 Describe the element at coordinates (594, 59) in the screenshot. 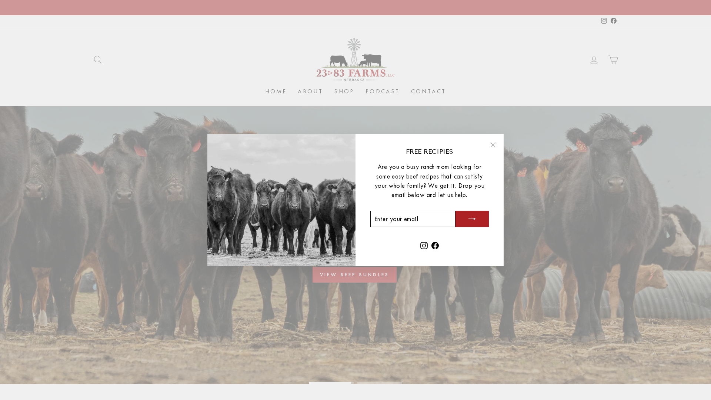

I see `'LOG IN'` at that location.